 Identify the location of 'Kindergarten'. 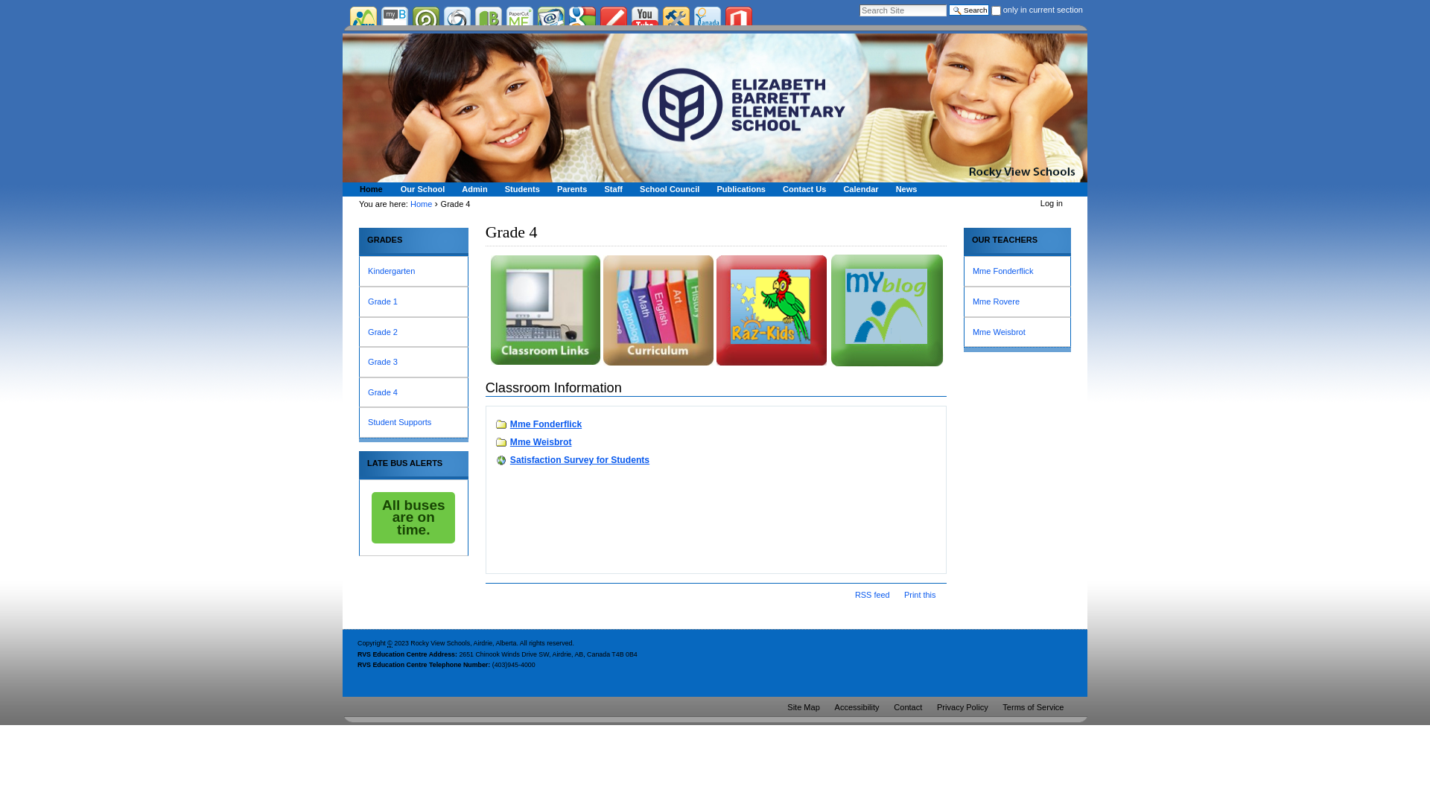
(413, 271).